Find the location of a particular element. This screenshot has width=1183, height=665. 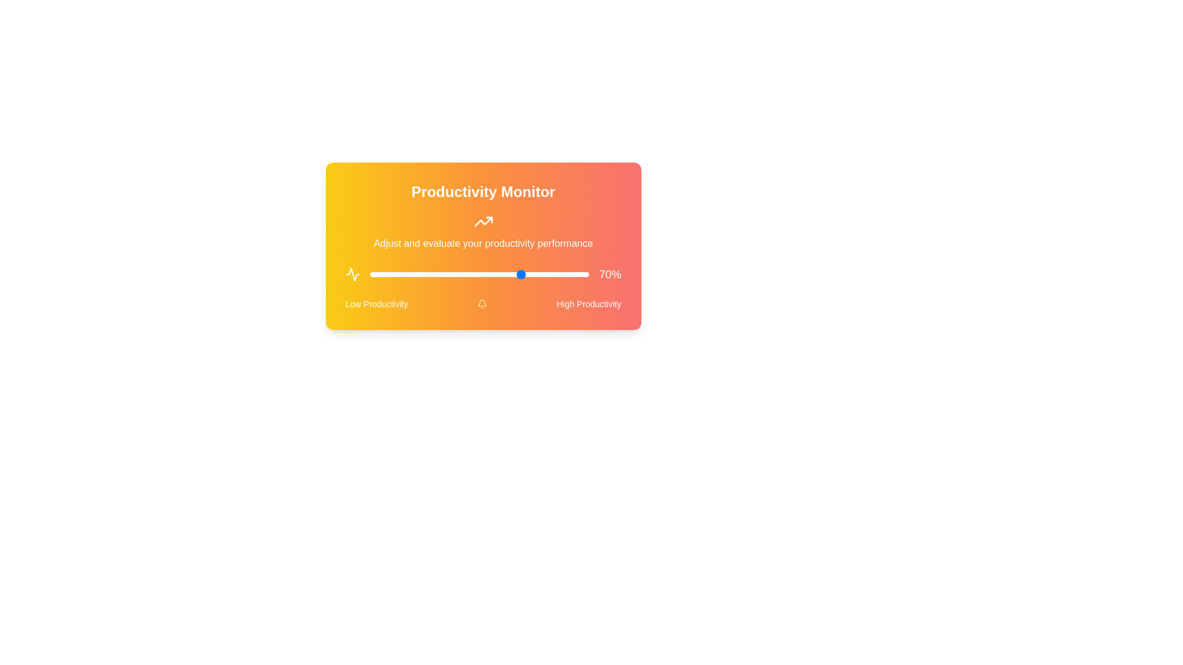

the textual label 'Low Productivity' to access additional information is located at coordinates (375, 304).